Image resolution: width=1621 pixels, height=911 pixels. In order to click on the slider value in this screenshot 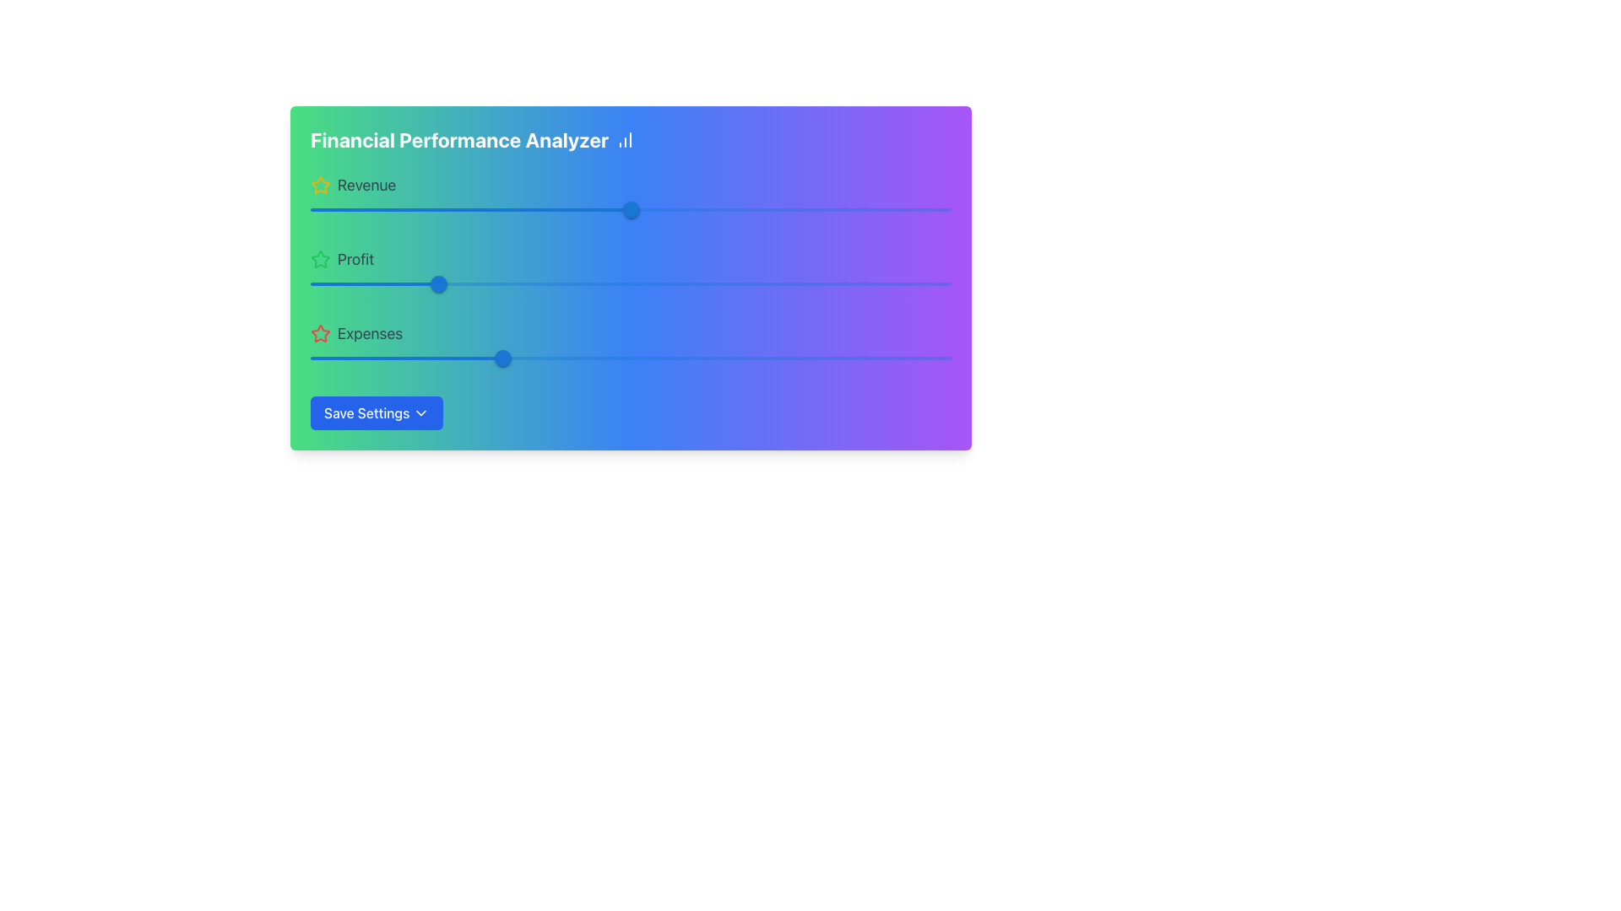, I will do `click(384, 357)`.